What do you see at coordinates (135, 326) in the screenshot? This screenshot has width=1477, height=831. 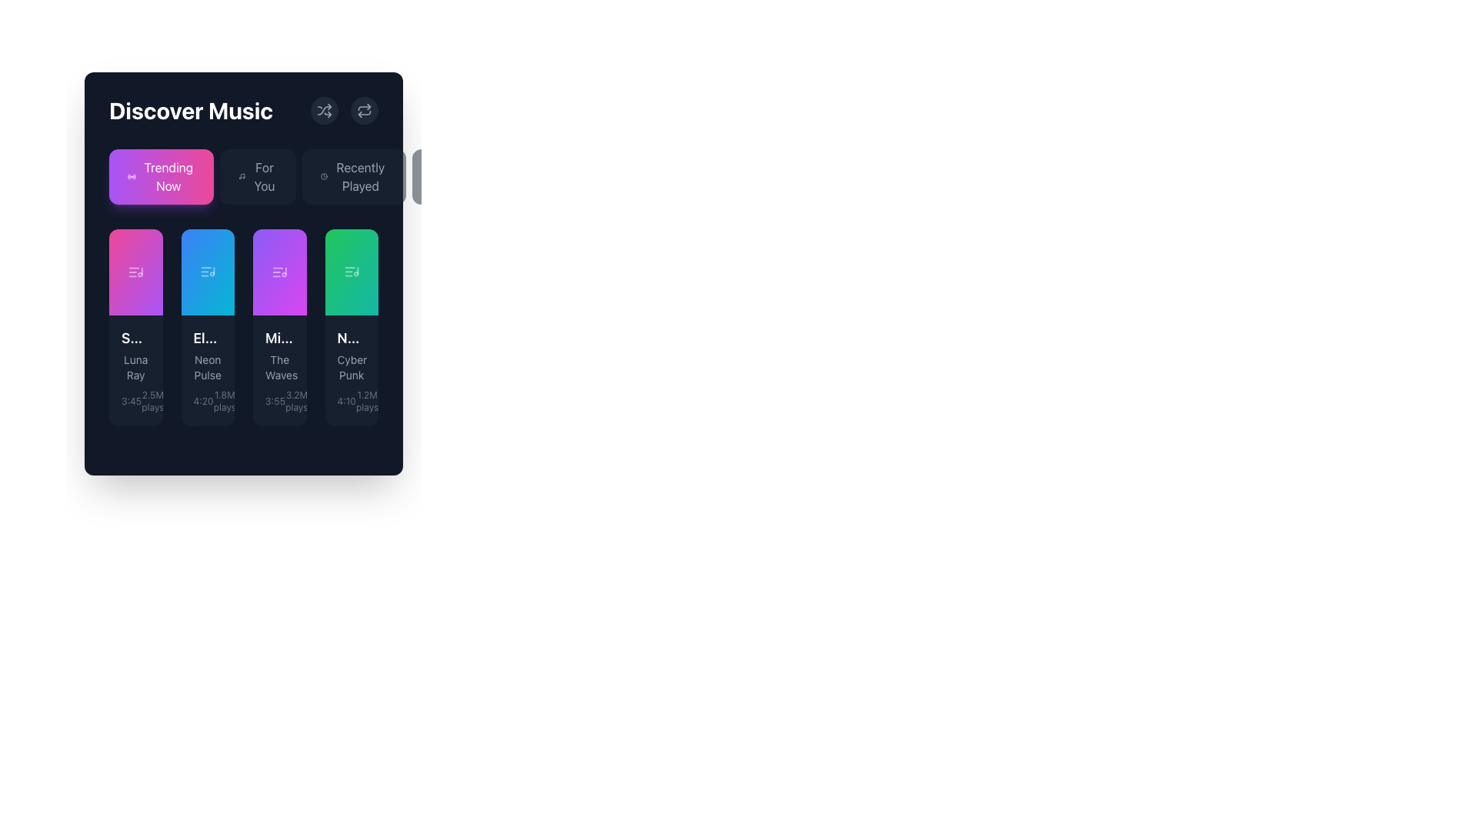 I see `the first card` at bounding box center [135, 326].